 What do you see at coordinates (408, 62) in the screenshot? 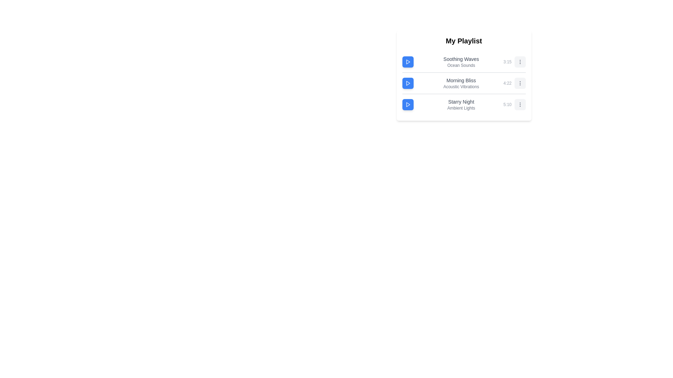
I see `the blue rounded rectangular button with a white play icon inside to play the associated audio track` at bounding box center [408, 62].